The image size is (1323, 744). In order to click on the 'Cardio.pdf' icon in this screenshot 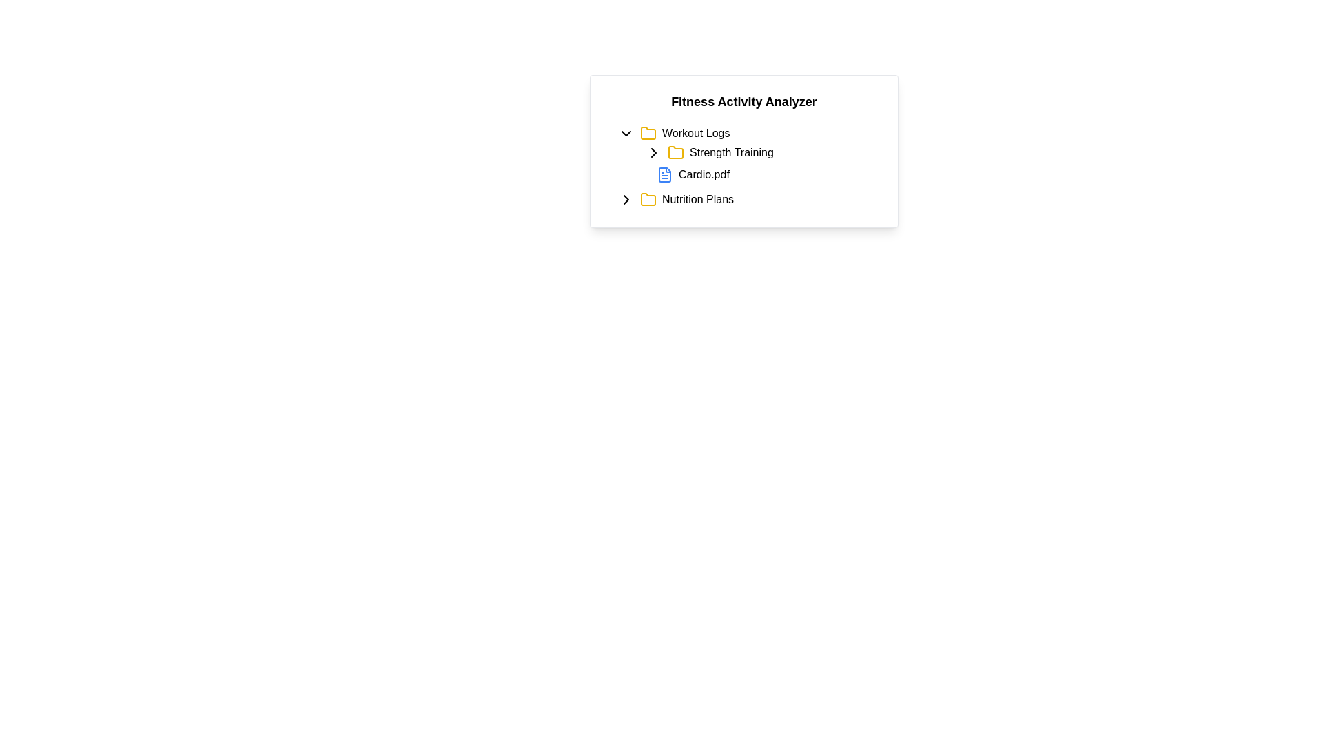, I will do `click(664, 174)`.